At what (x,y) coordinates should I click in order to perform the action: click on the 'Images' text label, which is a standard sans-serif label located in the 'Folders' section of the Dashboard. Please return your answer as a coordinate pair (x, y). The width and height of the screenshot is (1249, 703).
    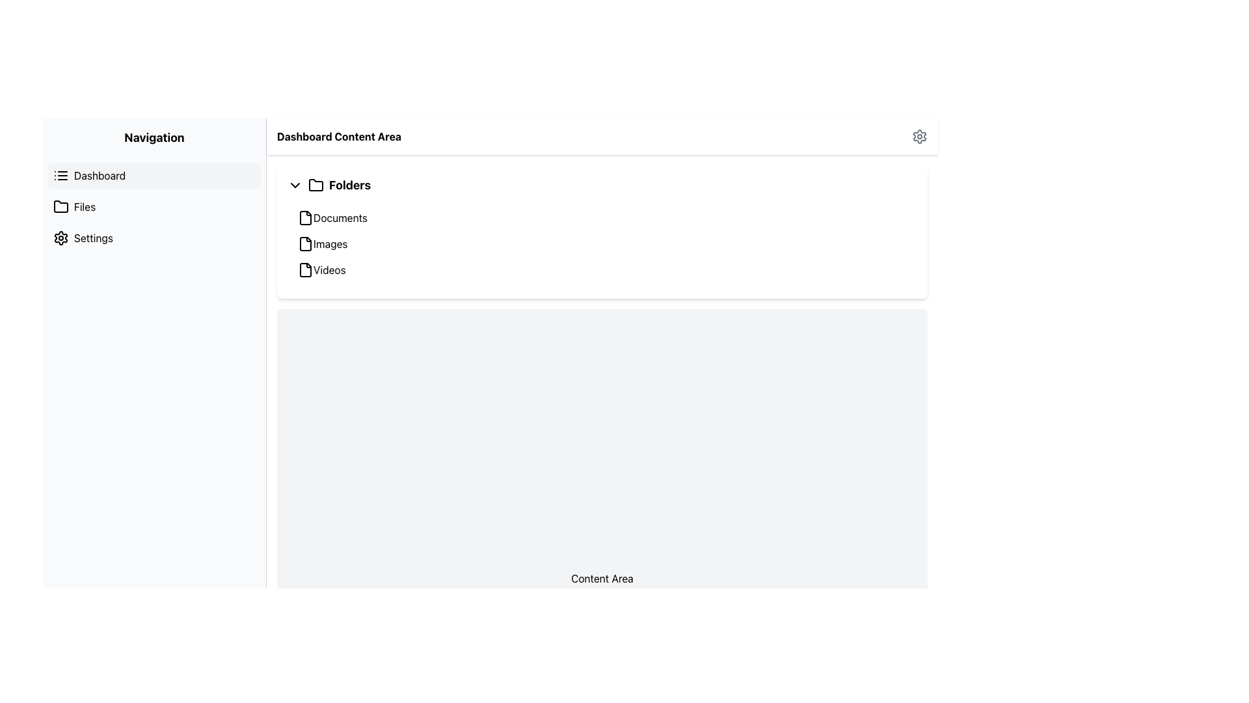
    Looking at the image, I should click on (330, 243).